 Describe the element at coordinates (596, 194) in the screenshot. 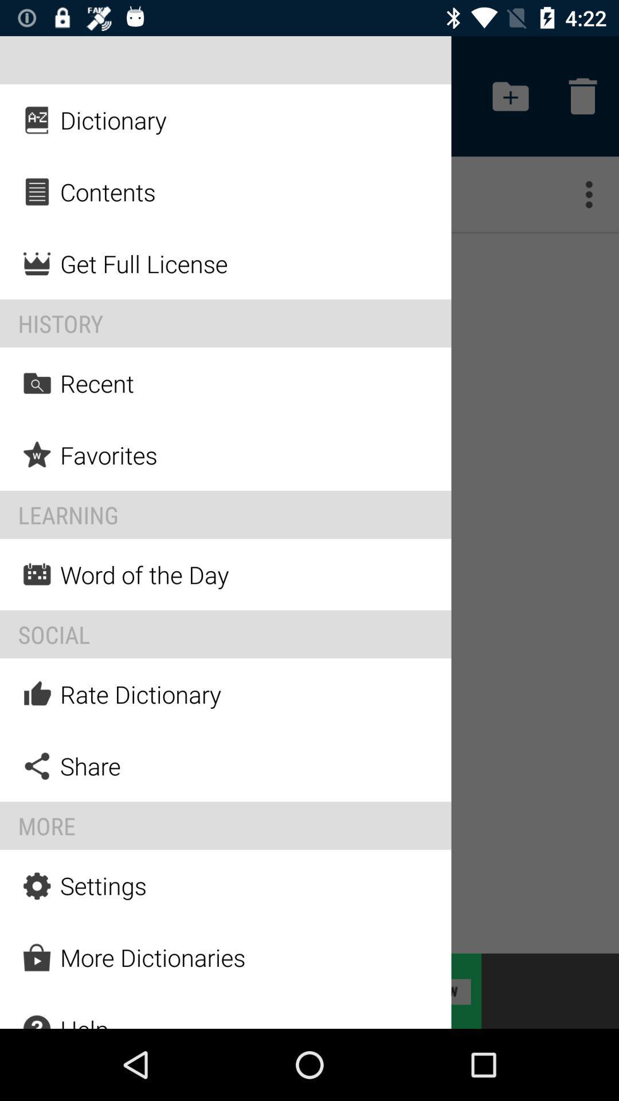

I see `button under delete` at that location.